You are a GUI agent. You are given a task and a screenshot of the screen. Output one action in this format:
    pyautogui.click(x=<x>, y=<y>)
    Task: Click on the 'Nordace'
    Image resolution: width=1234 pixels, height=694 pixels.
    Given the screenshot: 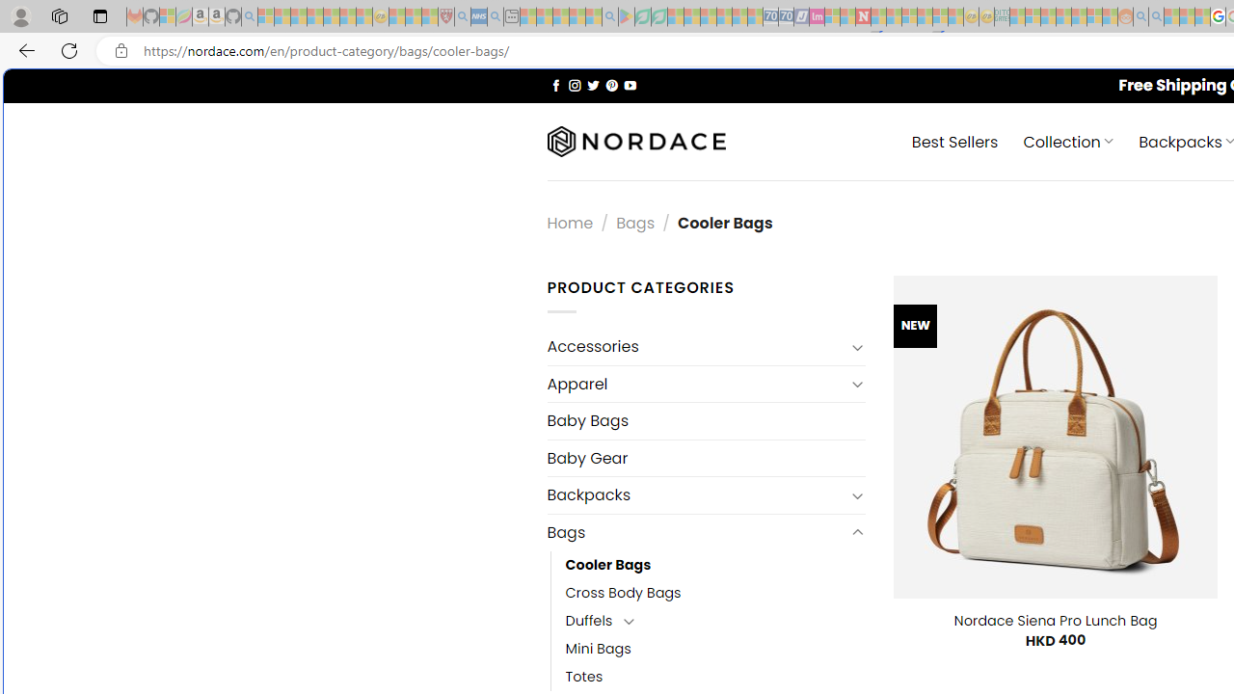 What is the action you would take?
    pyautogui.click(x=635, y=141)
    